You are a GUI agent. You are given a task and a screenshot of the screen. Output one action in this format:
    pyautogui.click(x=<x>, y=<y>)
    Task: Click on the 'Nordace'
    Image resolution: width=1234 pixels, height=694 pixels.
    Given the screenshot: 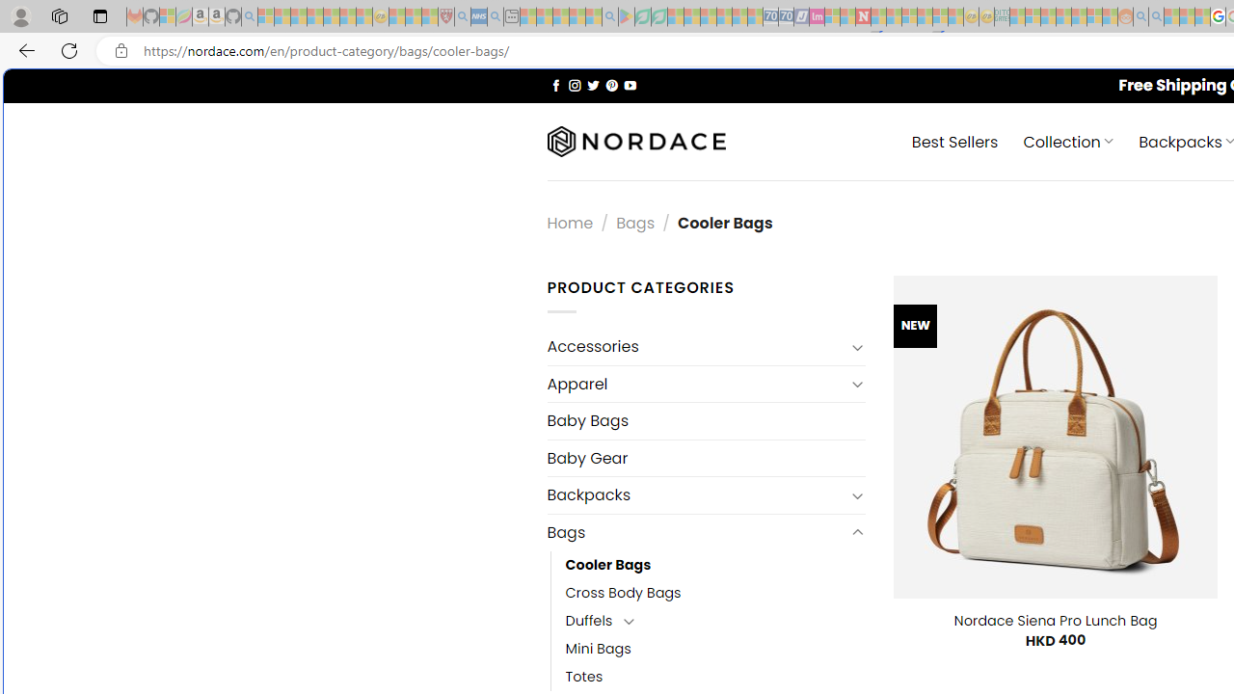 What is the action you would take?
    pyautogui.click(x=635, y=141)
    